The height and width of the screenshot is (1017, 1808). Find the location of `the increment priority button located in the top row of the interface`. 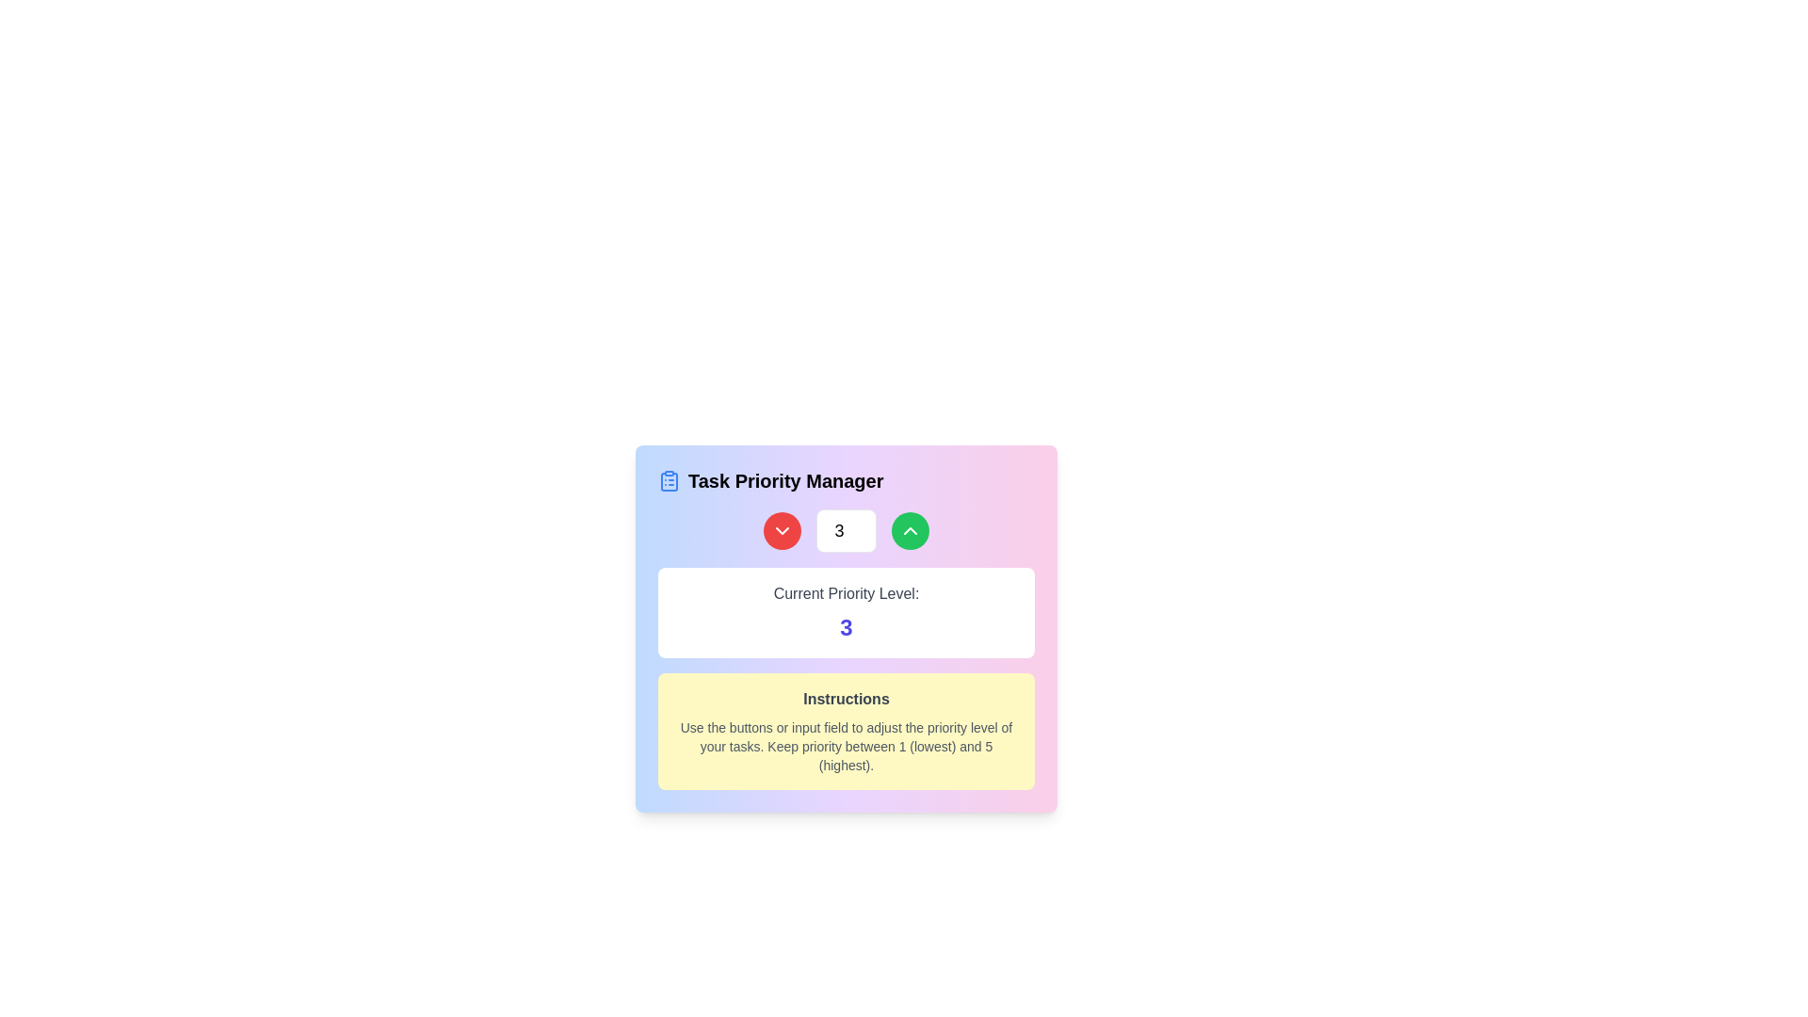

the increment priority button located in the top row of the interface is located at coordinates (910, 530).